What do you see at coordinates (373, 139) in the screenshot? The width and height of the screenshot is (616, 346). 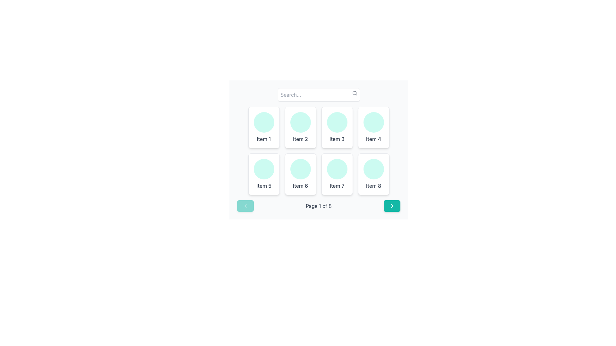 I see `the 'Item 4' text element displayed in medium gray font, located below the circular graphic in the second column of the grid layout` at bounding box center [373, 139].